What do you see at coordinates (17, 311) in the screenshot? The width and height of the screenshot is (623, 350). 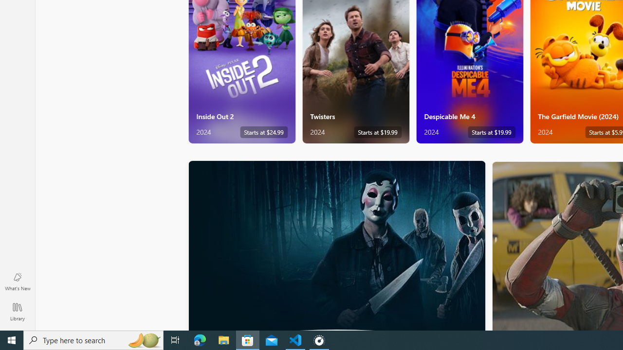 I see `'Library'` at bounding box center [17, 311].